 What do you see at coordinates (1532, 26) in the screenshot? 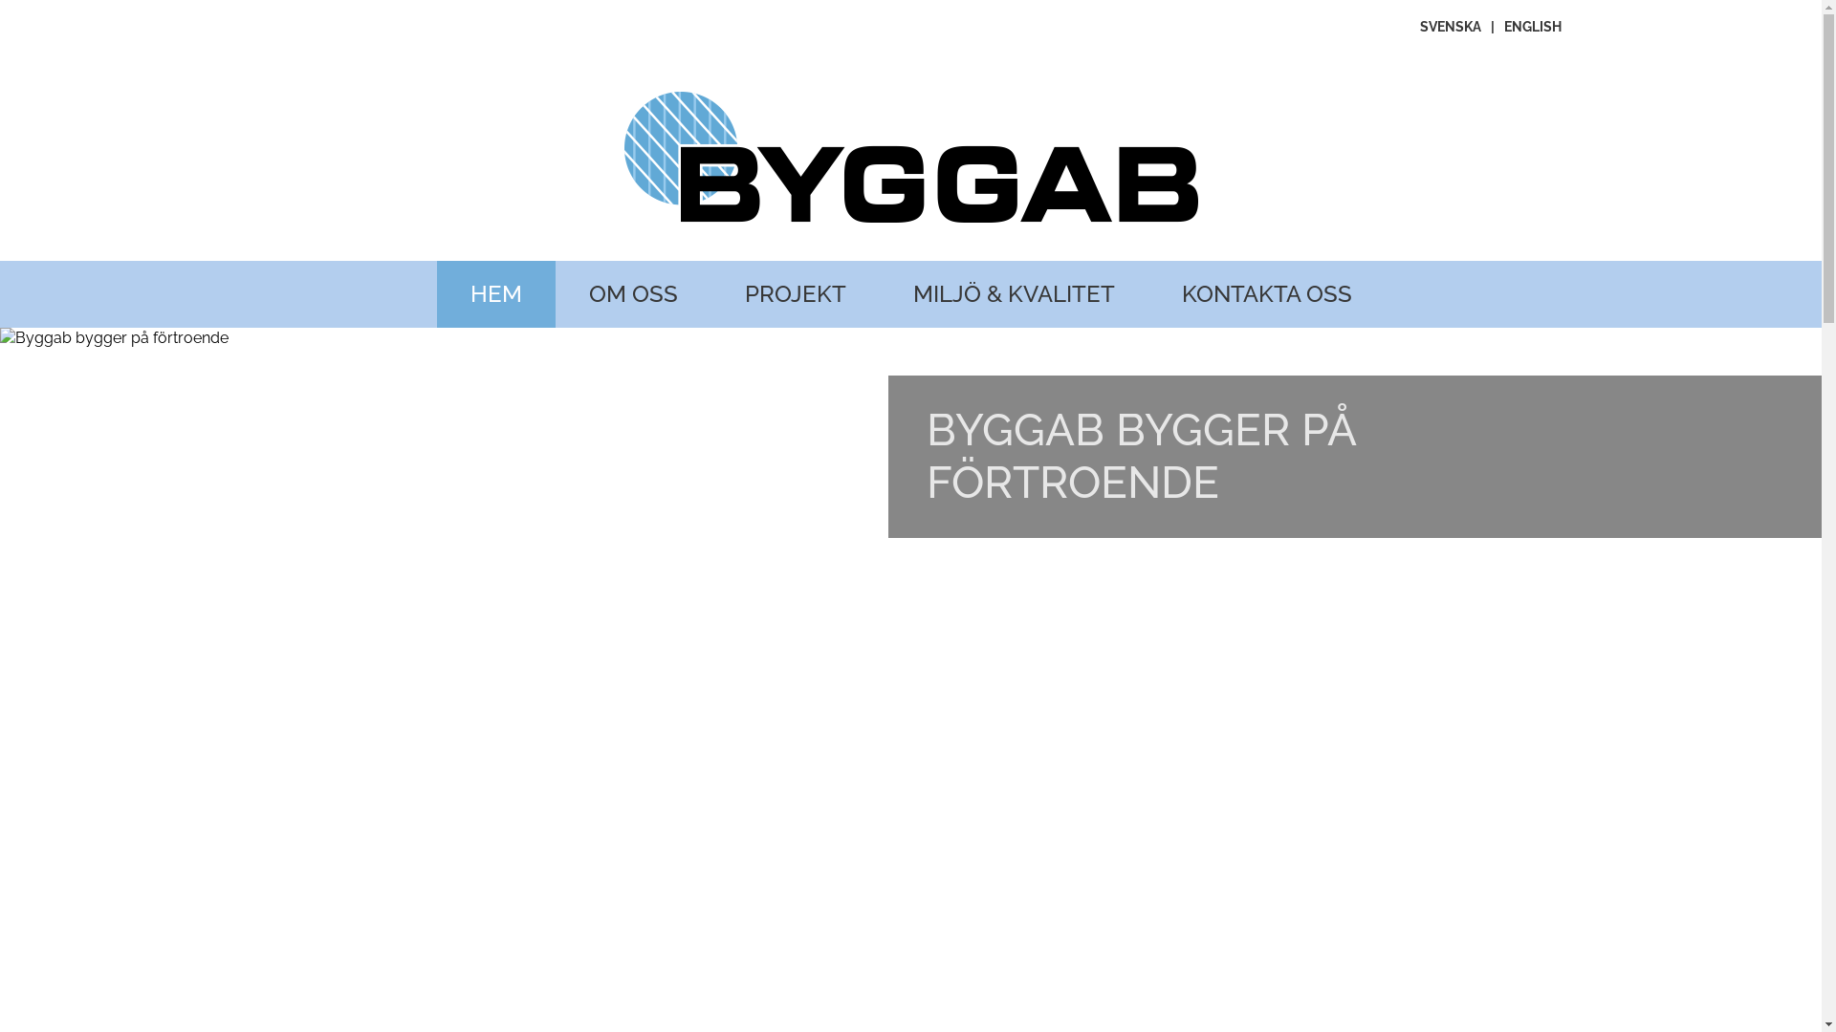
I see `'ENGLISH'` at bounding box center [1532, 26].